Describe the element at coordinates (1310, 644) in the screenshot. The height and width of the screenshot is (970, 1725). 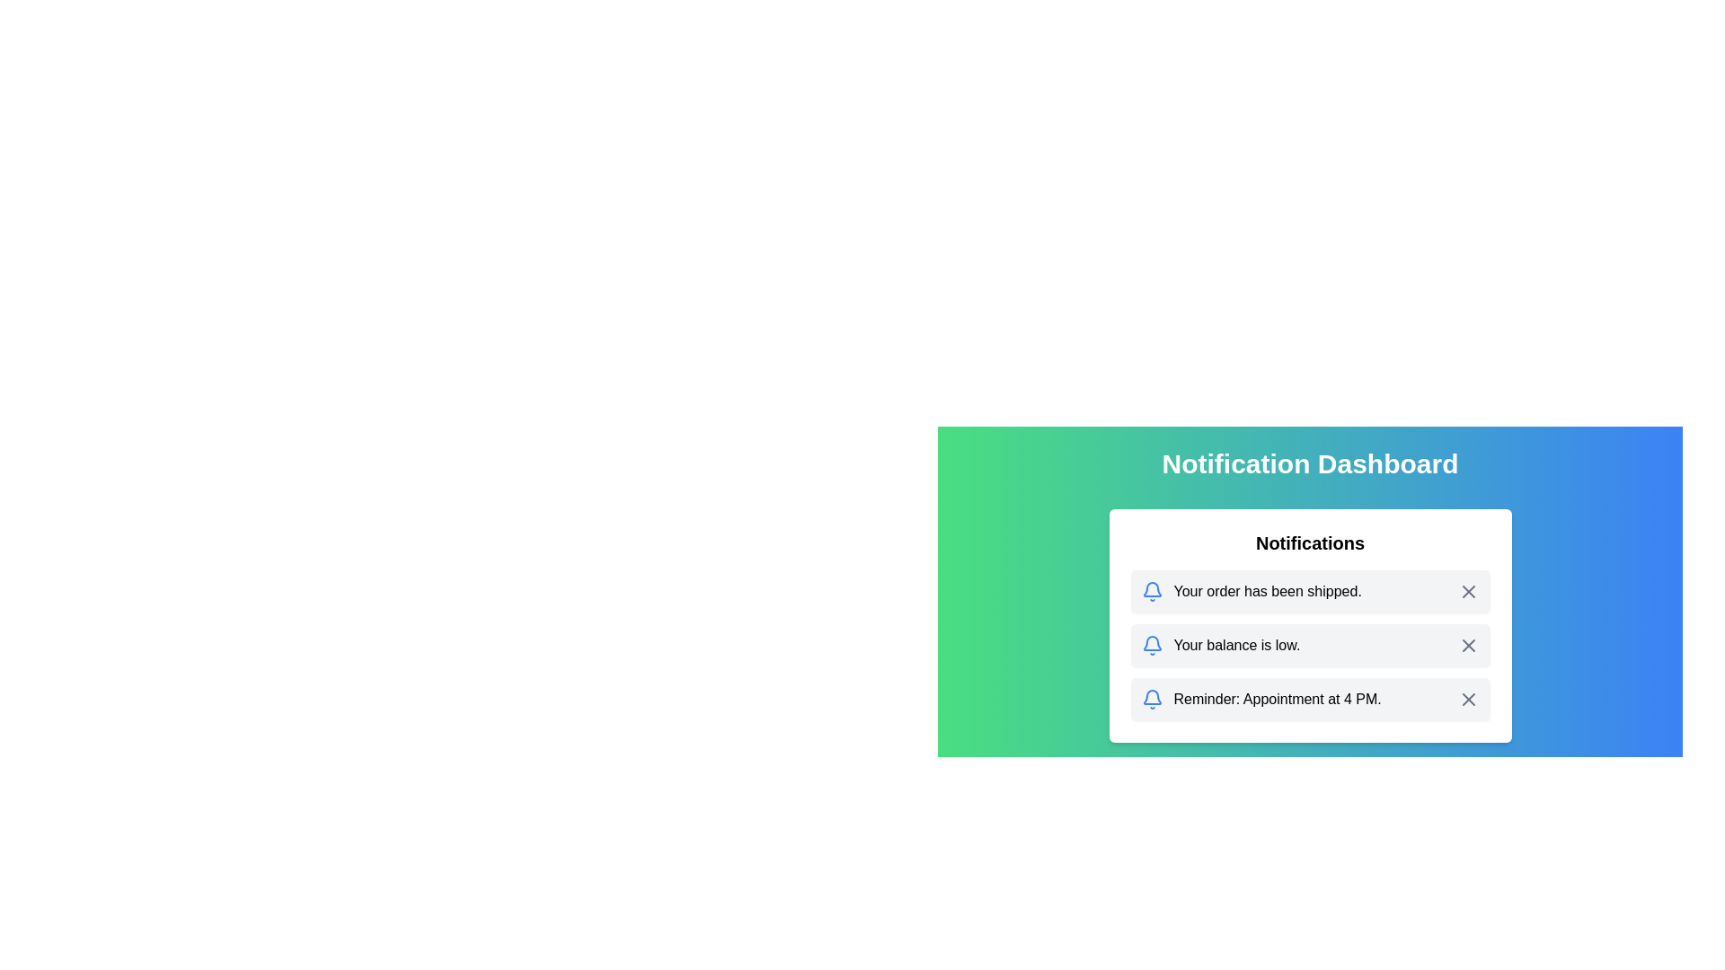
I see `the Notification card that informs the user about a low balance, positioned between 'Your order has been shipped.' and 'Reminder: Appointment at 4 PM.'` at that location.